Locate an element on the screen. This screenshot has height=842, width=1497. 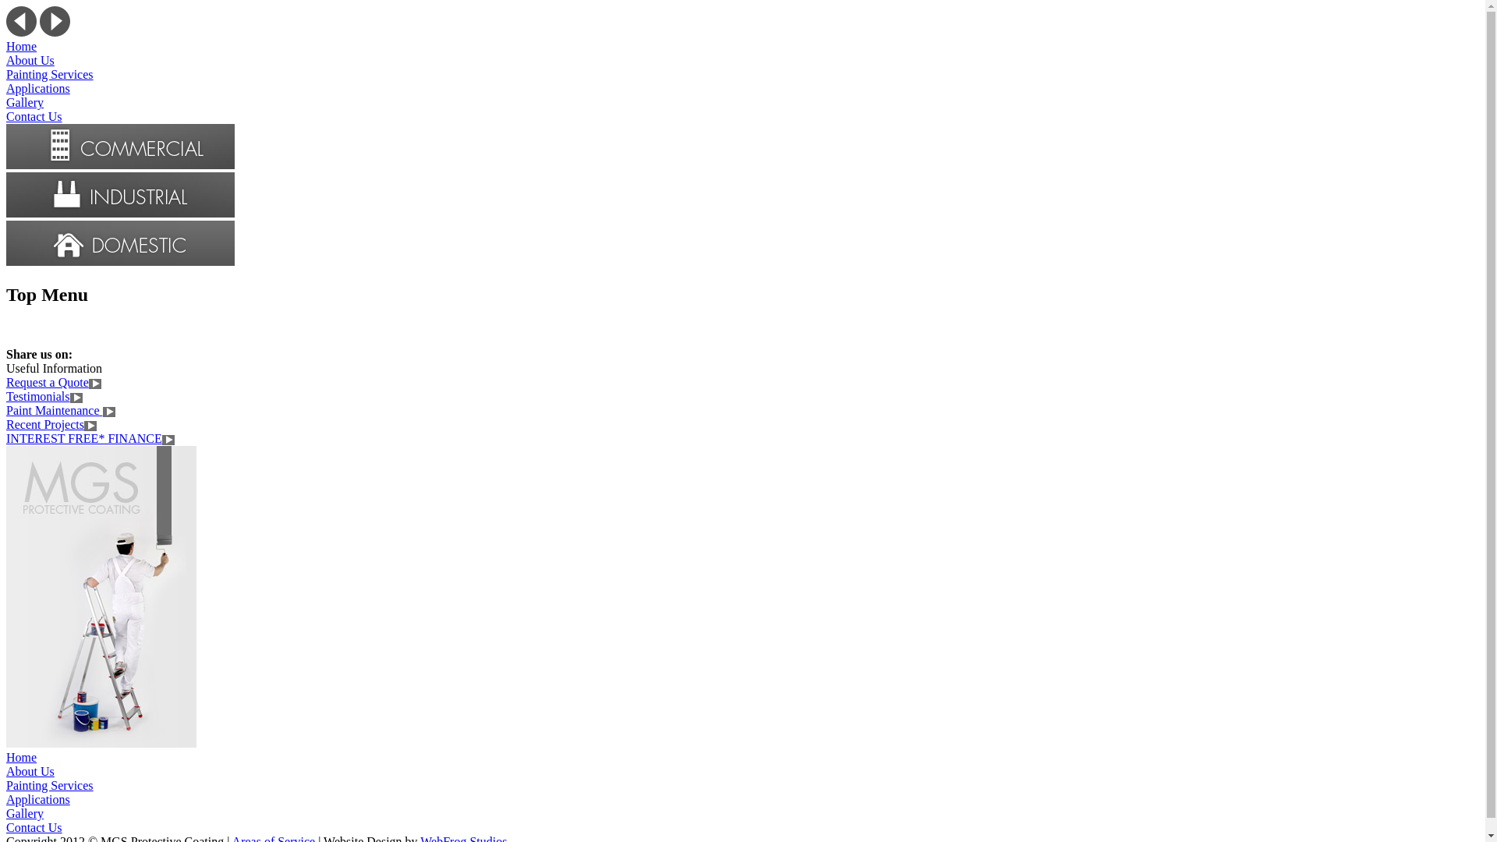
'Testimonials' is located at coordinates (6, 395).